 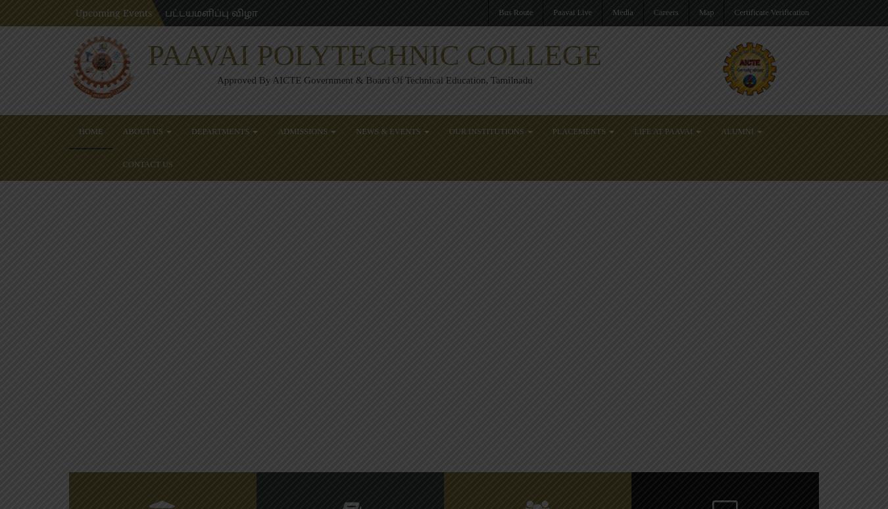 I want to click on 'Paavai Polytechnic Students won First place in Basket Ball tournament', so click(x=711, y=170).